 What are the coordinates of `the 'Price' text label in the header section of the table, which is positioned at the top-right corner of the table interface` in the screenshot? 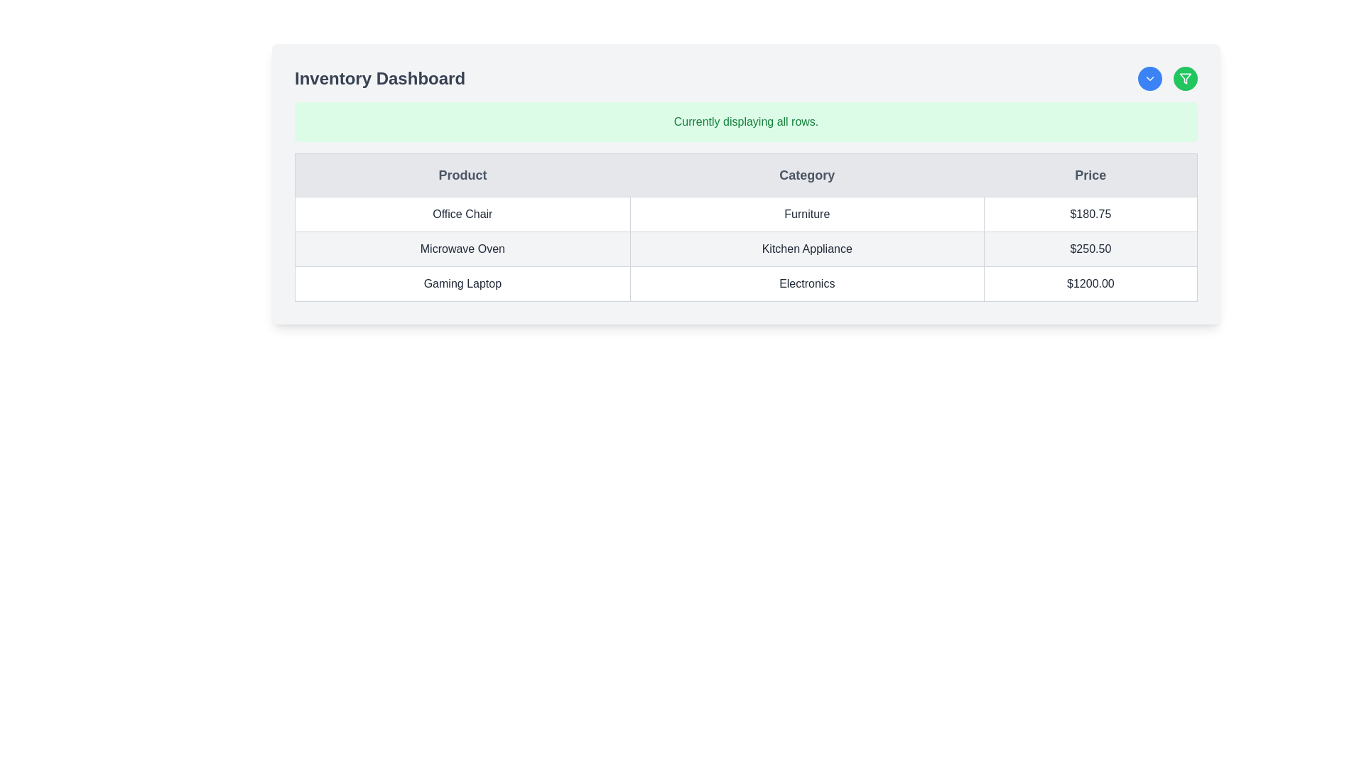 It's located at (1090, 174).